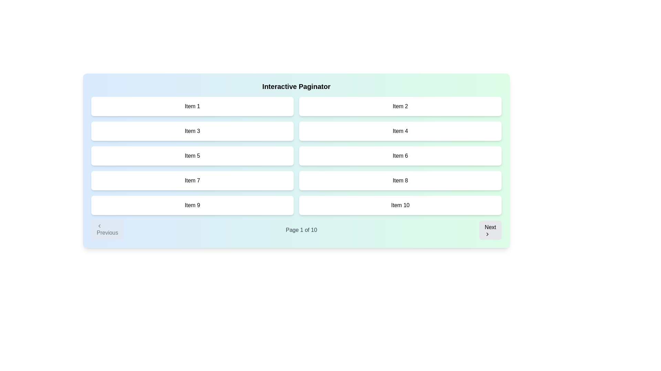 Image resolution: width=661 pixels, height=371 pixels. What do you see at coordinates (400, 131) in the screenshot?
I see `the static text element labeled 'Item 4' located in the right-side column of the grid system, positioned between 'Item 2' and 'Item 6'` at bounding box center [400, 131].